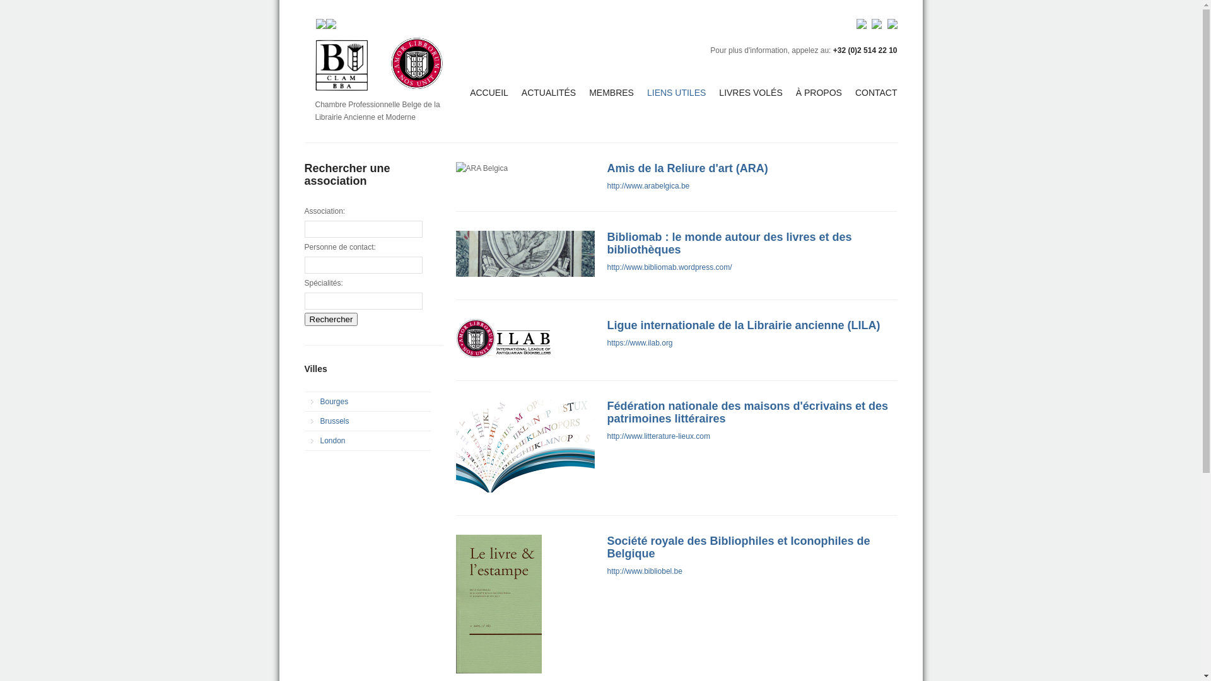  Describe the element at coordinates (303, 421) in the screenshot. I see `'Brussels'` at that location.